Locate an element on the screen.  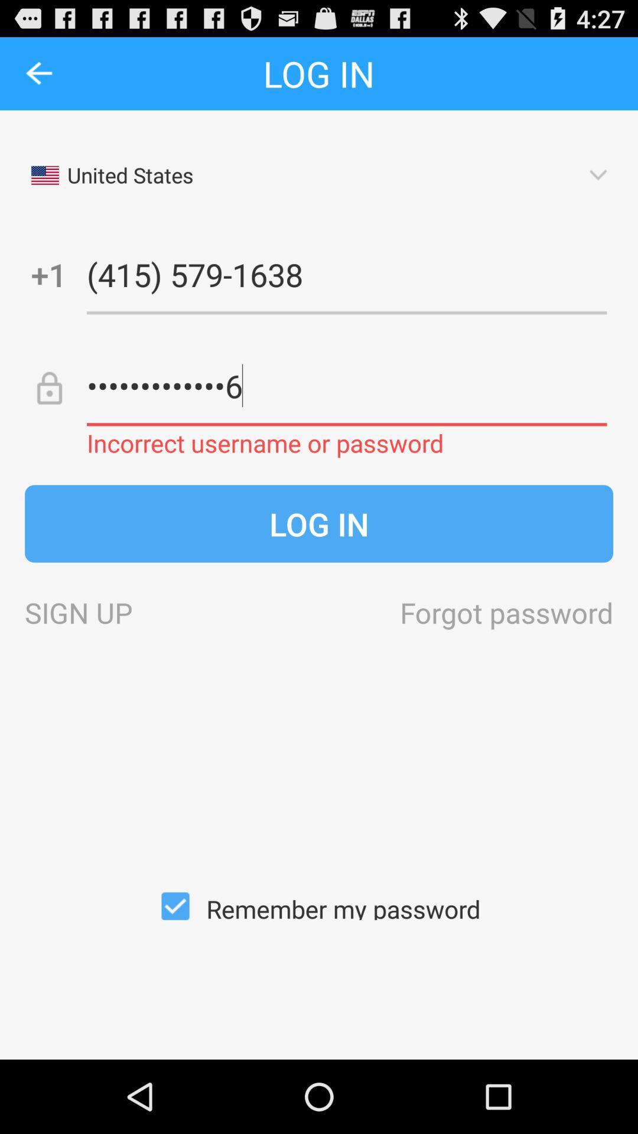
the password field is located at coordinates (346, 385).